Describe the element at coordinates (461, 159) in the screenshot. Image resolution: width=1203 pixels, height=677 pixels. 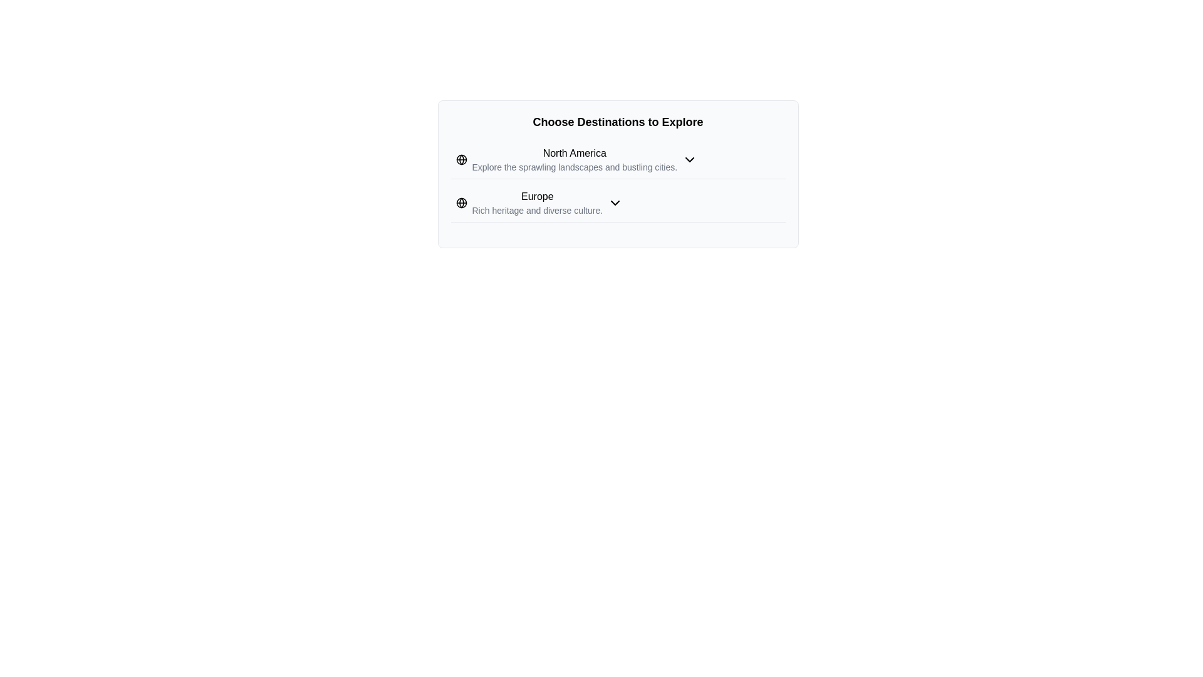
I see `the globe icon located to the left of the text 'North America', which is part of a list detailing travel destinations` at that location.